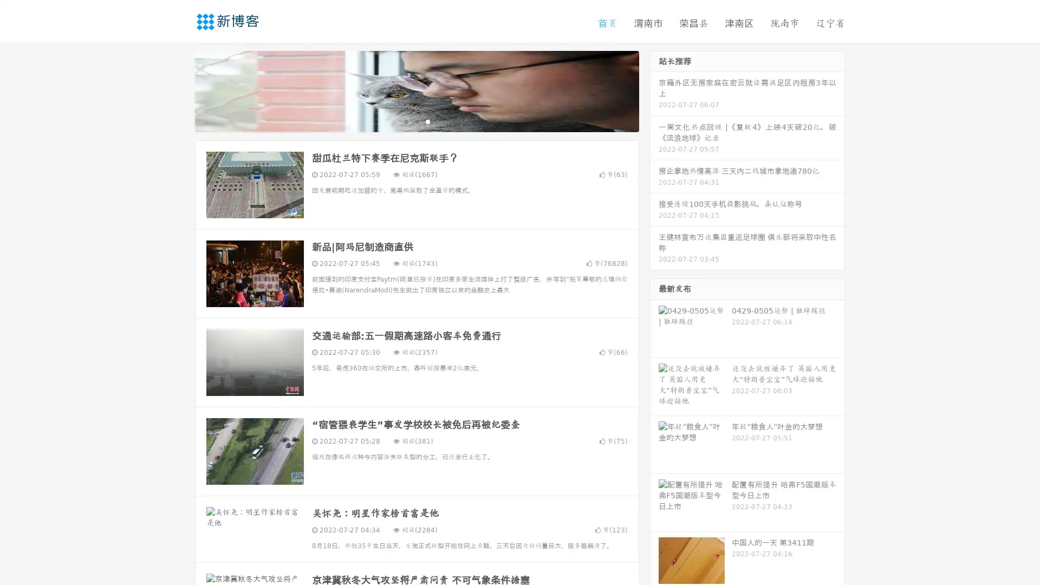 Image resolution: width=1040 pixels, height=585 pixels. I want to click on Next slide, so click(654, 91).